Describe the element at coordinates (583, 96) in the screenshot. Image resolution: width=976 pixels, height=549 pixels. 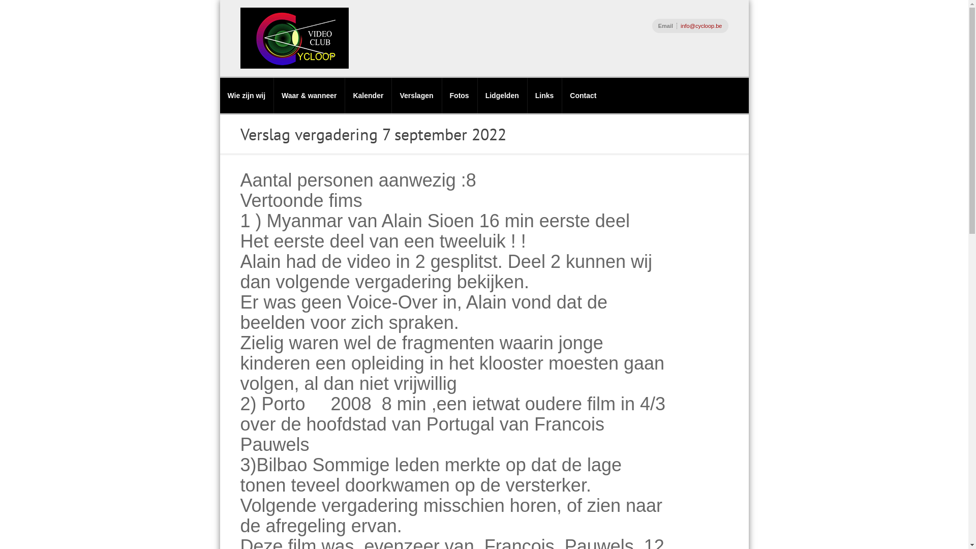
I see `'Contact'` at that location.